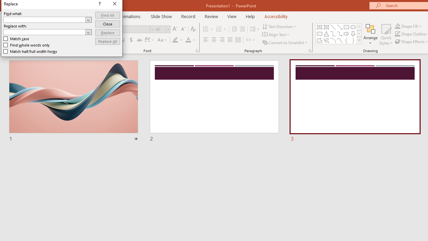  Describe the element at coordinates (353, 27) in the screenshot. I see `'Oval'` at that location.